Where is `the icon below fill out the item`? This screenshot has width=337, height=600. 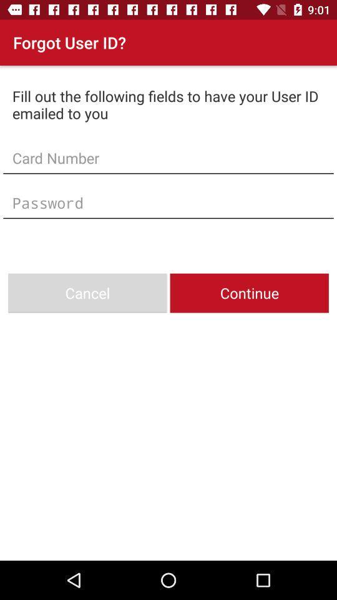
the icon below fill out the item is located at coordinates (168, 157).